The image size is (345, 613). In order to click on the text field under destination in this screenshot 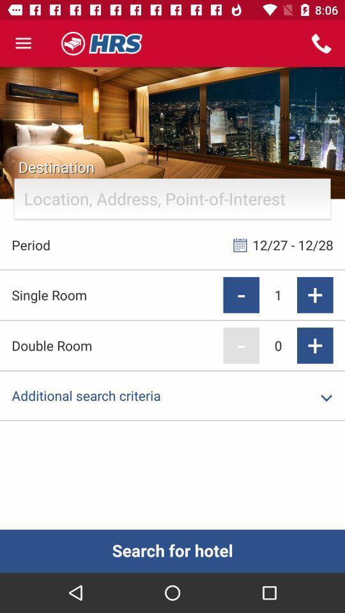, I will do `click(172, 199)`.